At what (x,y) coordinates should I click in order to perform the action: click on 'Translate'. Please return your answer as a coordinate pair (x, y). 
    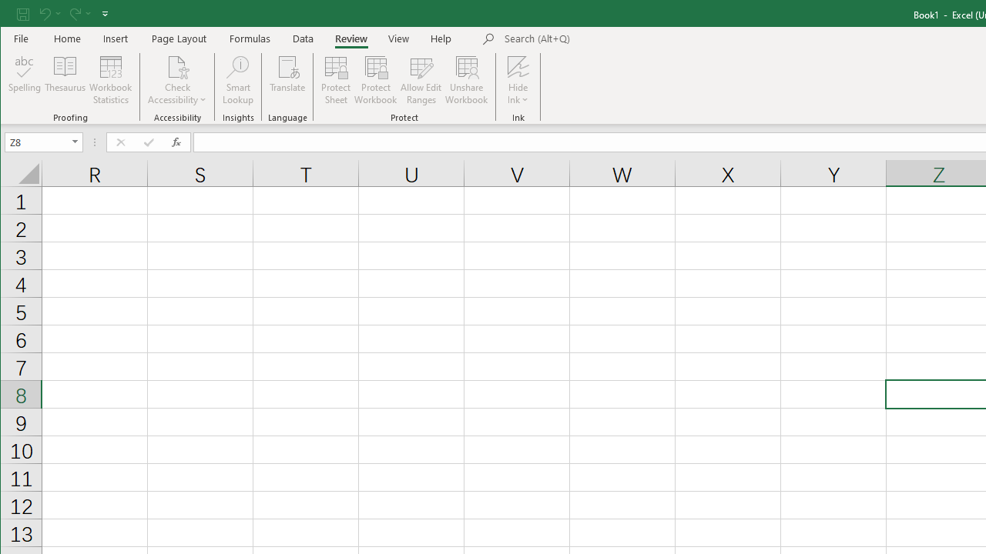
    Looking at the image, I should click on (287, 80).